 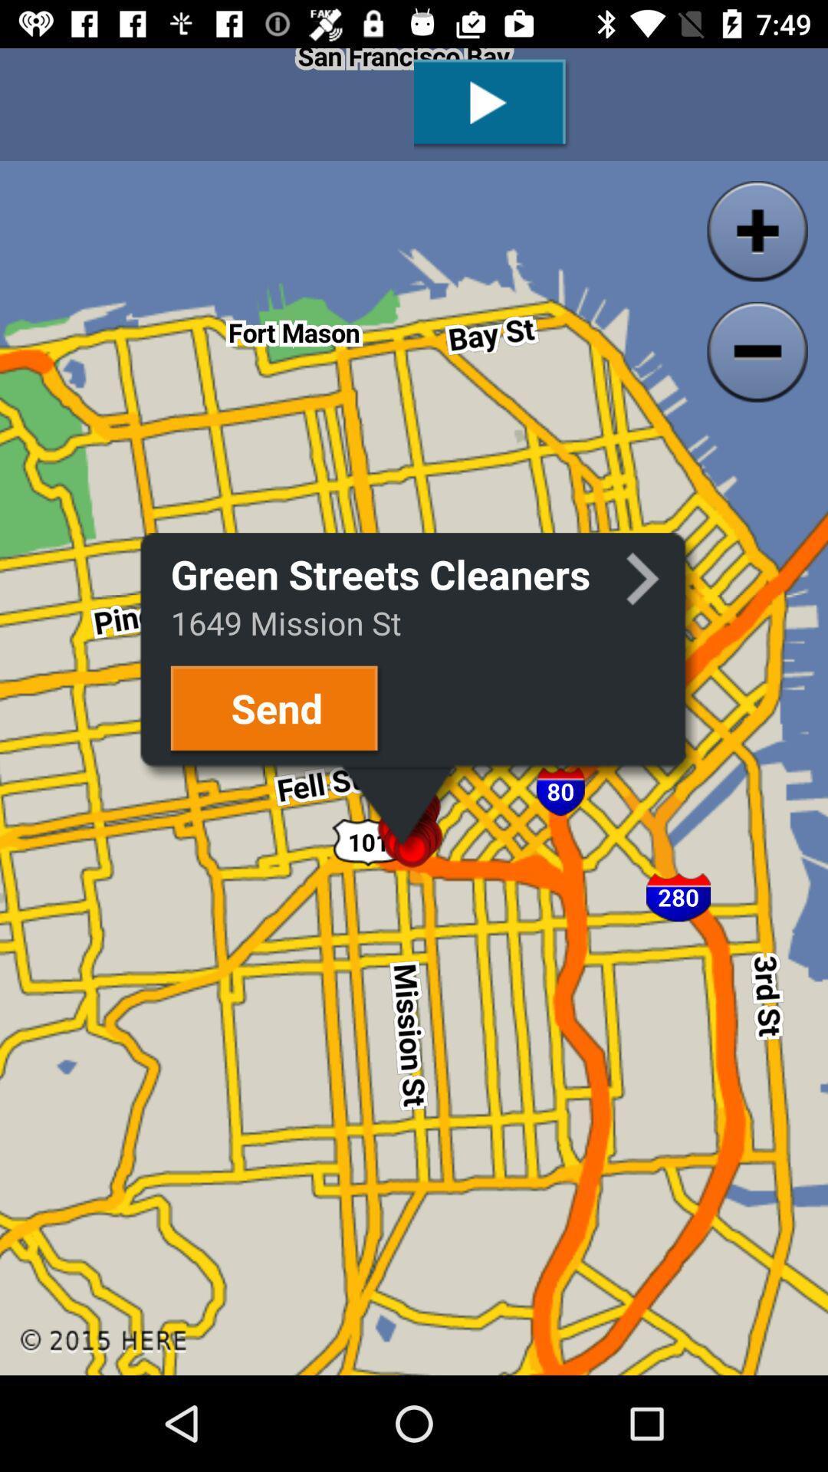 I want to click on icon below the 1649 mission st, so click(x=277, y=710).